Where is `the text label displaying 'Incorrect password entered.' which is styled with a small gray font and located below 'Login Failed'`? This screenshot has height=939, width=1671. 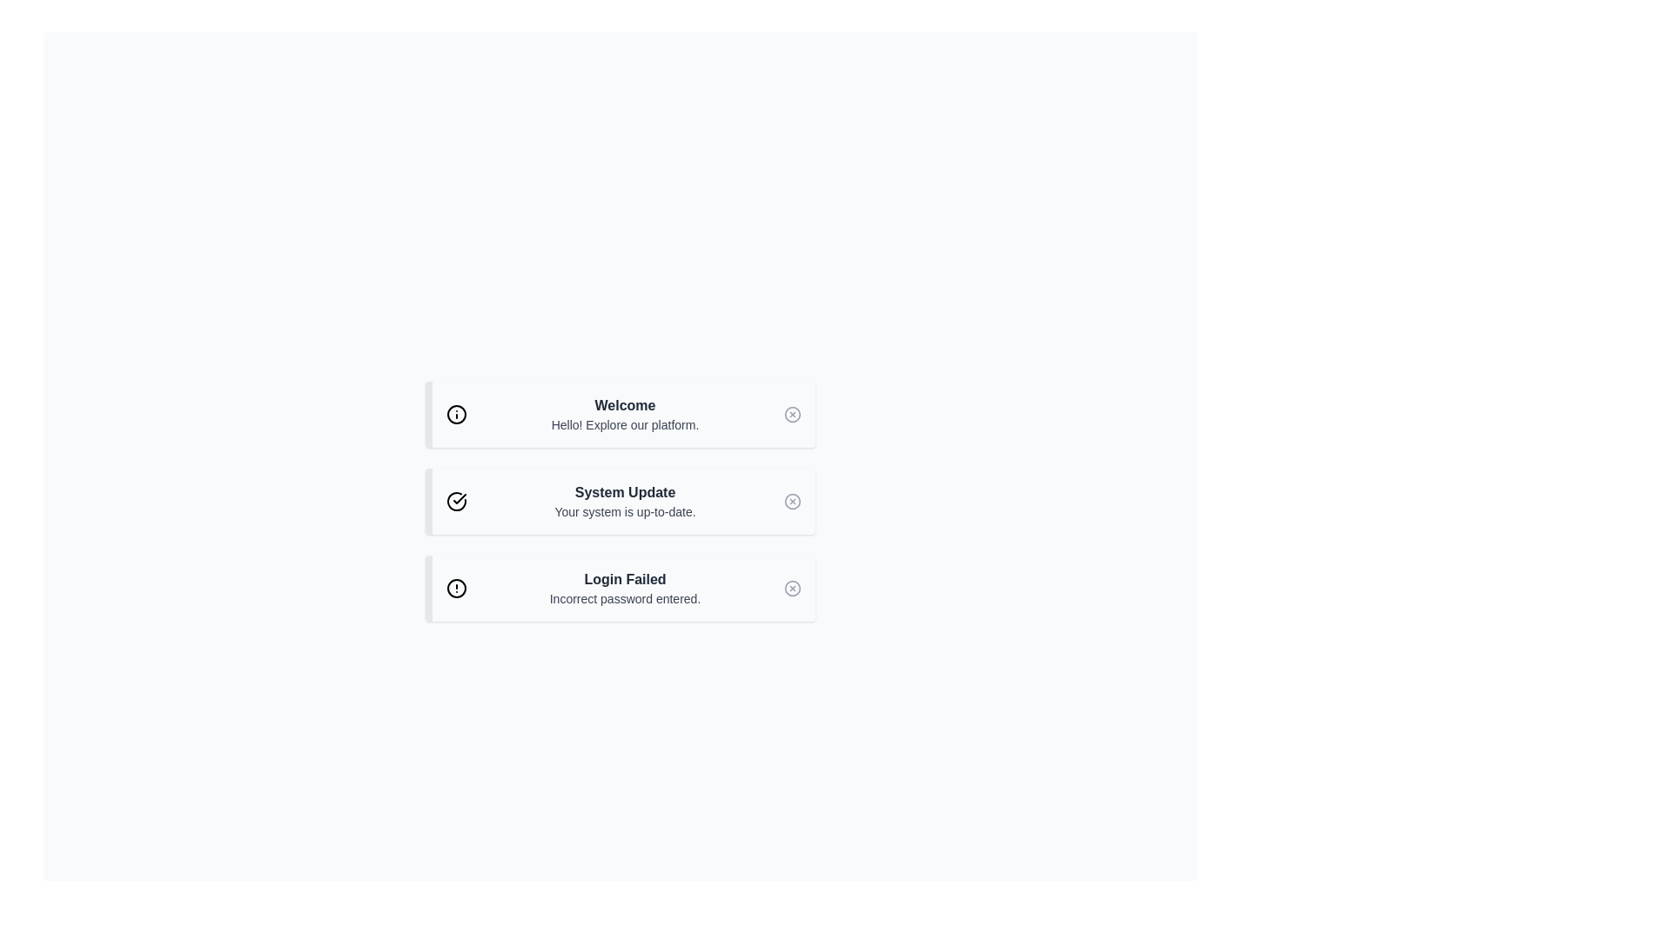 the text label displaying 'Incorrect password entered.' which is styled with a small gray font and located below 'Login Failed' is located at coordinates (625, 598).